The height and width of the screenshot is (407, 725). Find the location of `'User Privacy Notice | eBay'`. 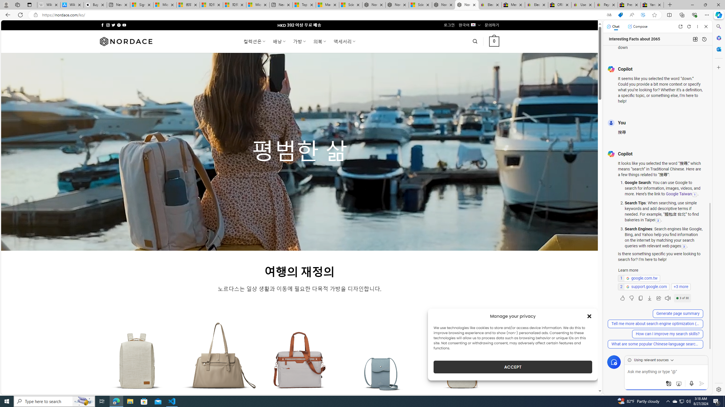

'User Privacy Notice | eBay' is located at coordinates (583, 5).